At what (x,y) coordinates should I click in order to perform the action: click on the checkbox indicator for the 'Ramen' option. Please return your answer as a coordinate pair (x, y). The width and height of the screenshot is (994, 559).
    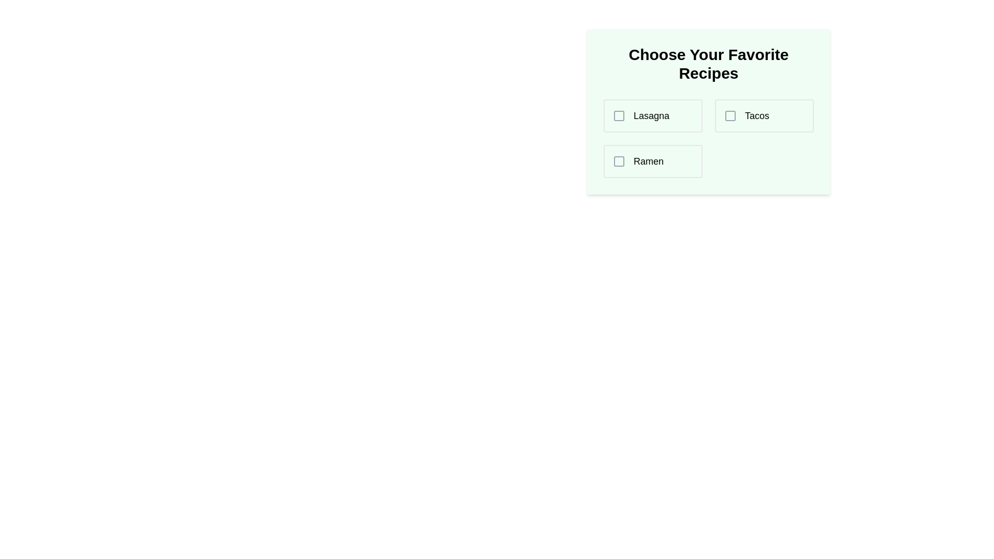
    Looking at the image, I should click on (619, 161).